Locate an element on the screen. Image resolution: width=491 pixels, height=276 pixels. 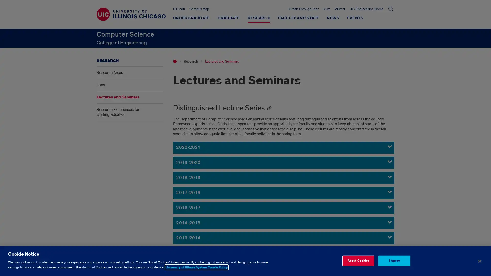
Search is located at coordinates (390, 9).